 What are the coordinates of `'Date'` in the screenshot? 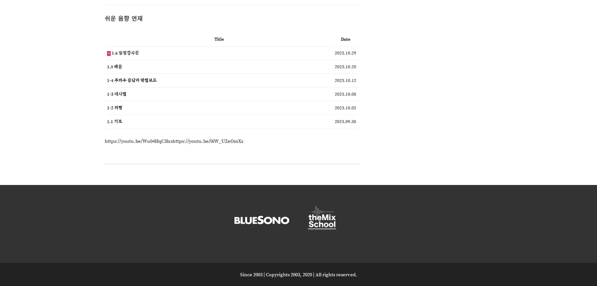 It's located at (340, 38).